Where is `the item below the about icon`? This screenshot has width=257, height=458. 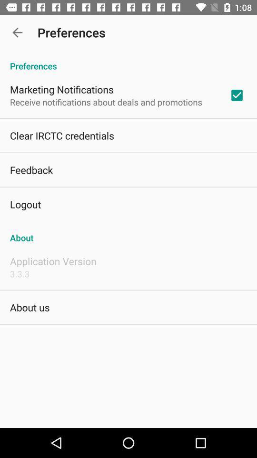
the item below the about icon is located at coordinates (53, 261).